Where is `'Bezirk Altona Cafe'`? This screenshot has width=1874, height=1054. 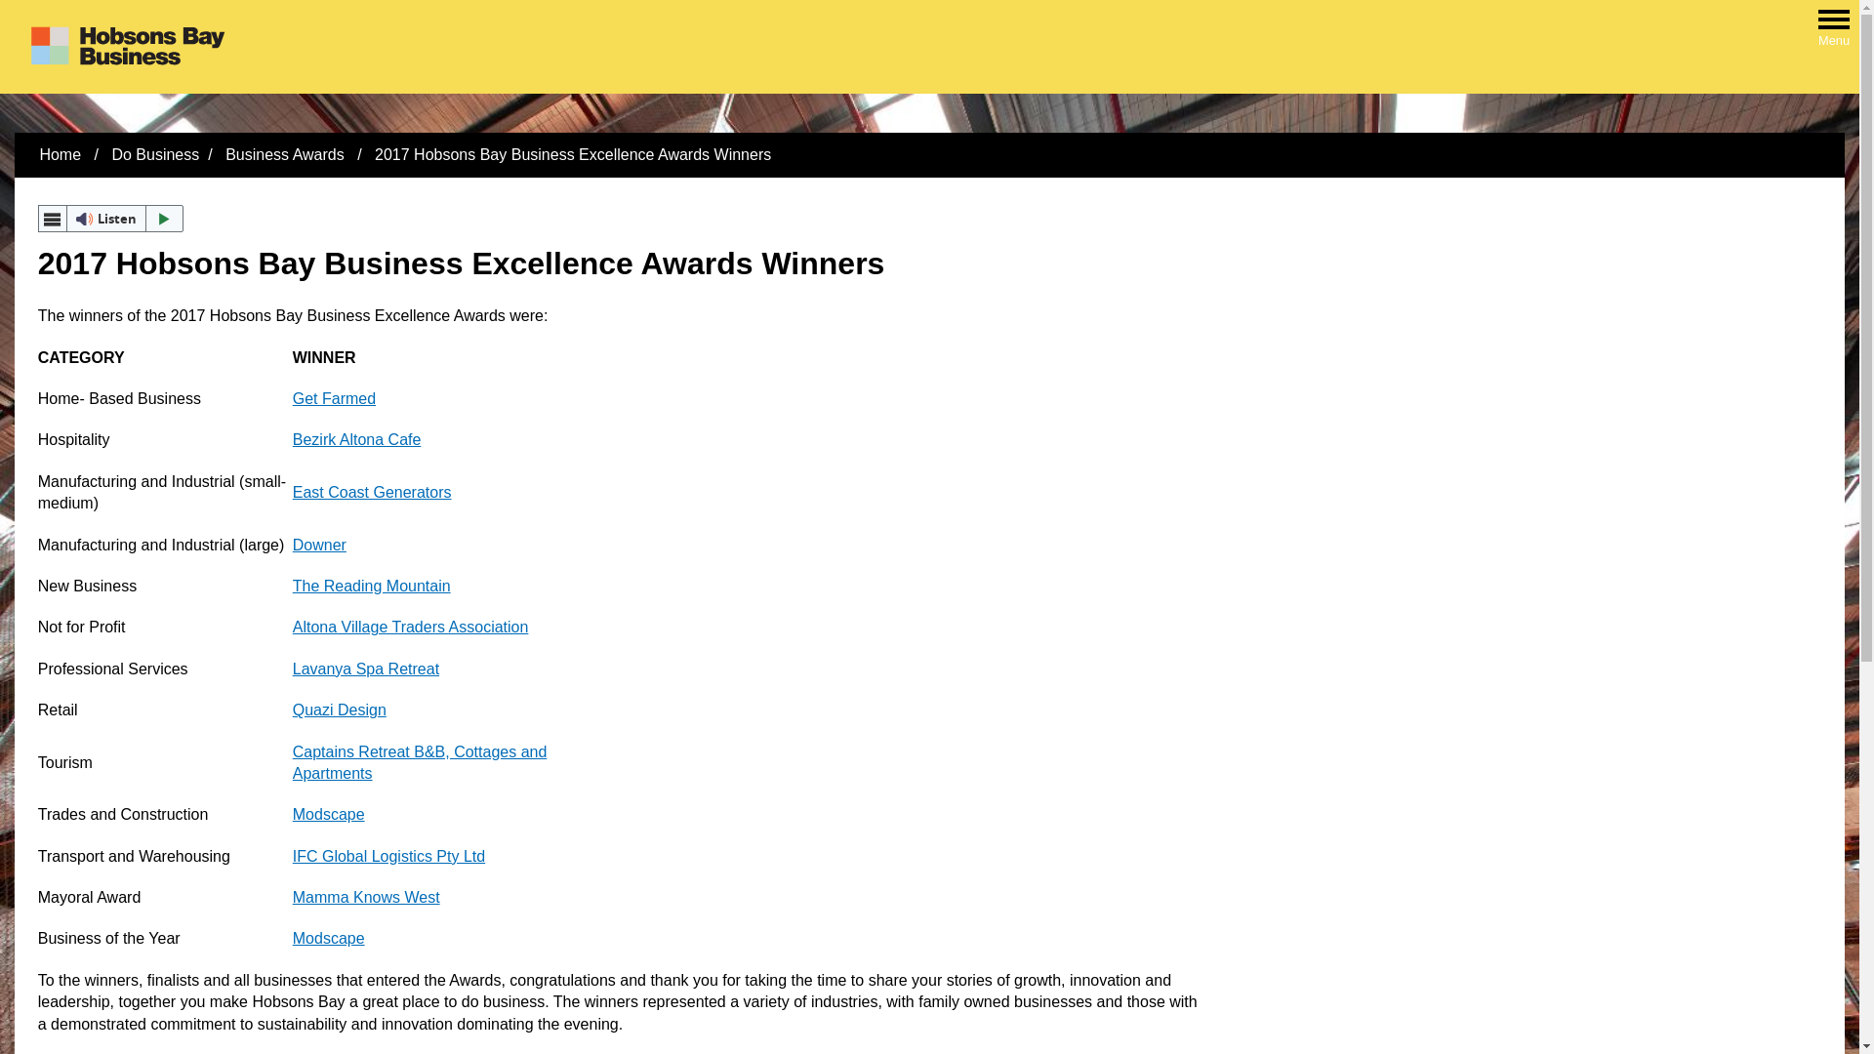 'Bezirk Altona Cafe' is located at coordinates (291, 439).